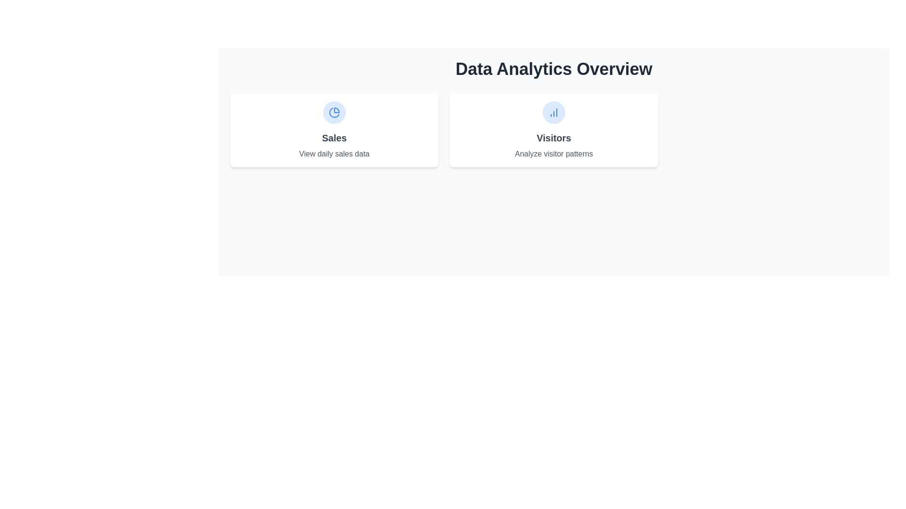 Image resolution: width=906 pixels, height=509 pixels. I want to click on static text element that contains 'View daily sales data', which is styled in a smaller and lighter gray font, positioned below the bolded title 'Sales' within a white card, so click(334, 154).